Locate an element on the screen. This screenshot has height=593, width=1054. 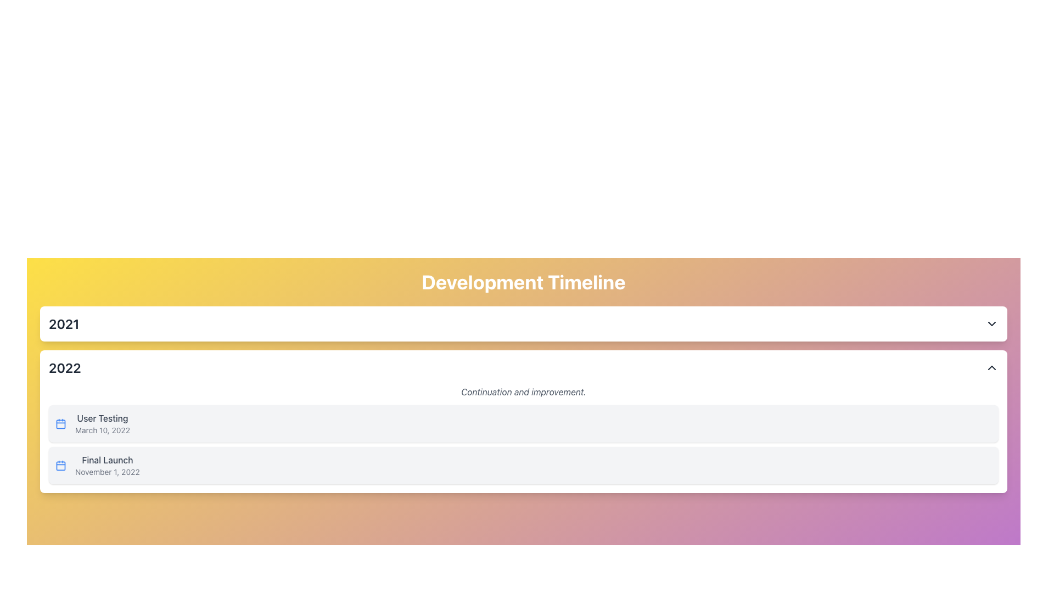
the non-interactive text label that displays the date for the 'User Testing' event located beneath the 'User Testing' header in the '2022' section of the timeline is located at coordinates (103, 429).